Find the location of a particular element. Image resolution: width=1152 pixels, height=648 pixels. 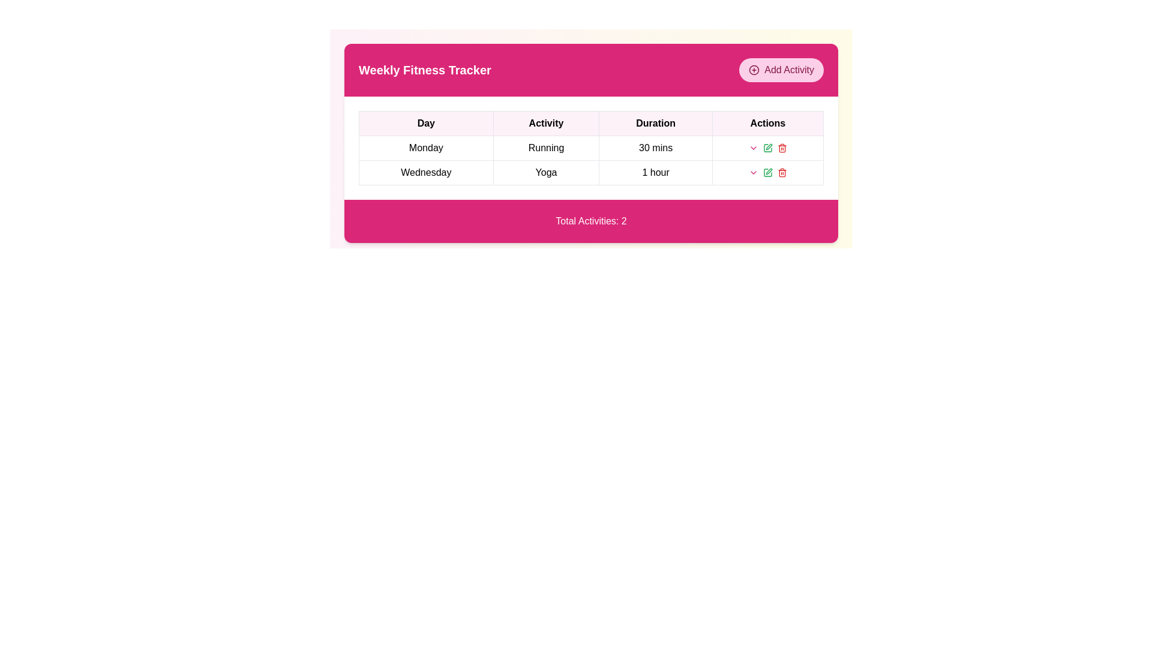

the circular icon with a plus symbol inside, located on the left side of the 'Add Activity' button in the top right corner of the pink section containing the 'Weekly Fitness Tracker' heading is located at coordinates (754, 70).